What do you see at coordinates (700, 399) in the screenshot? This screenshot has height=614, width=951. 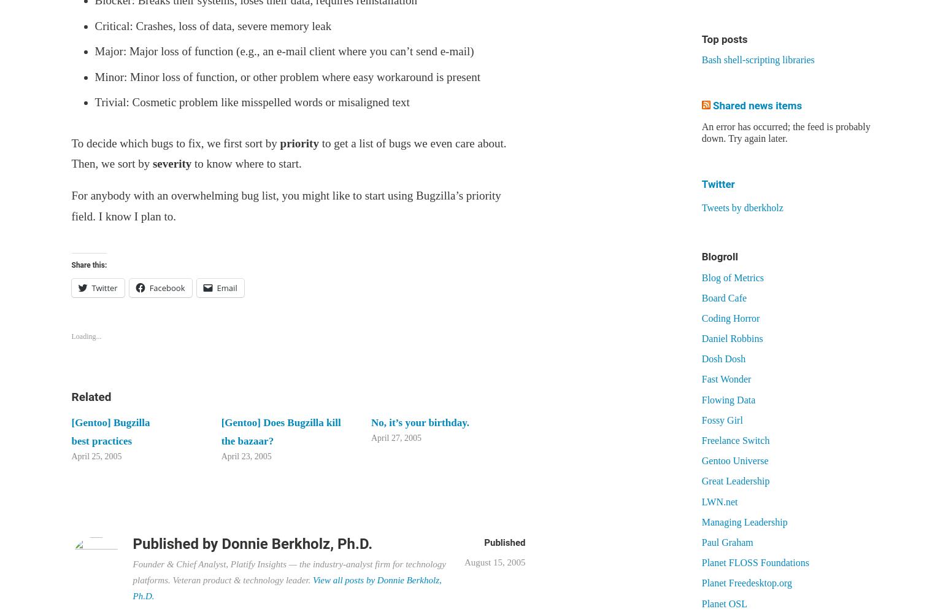 I see `'Flowing Data'` at bounding box center [700, 399].